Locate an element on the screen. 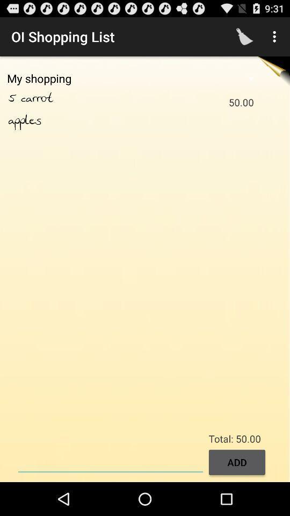 This screenshot has height=516, width=290. item below my shopping is located at coordinates (14, 98).